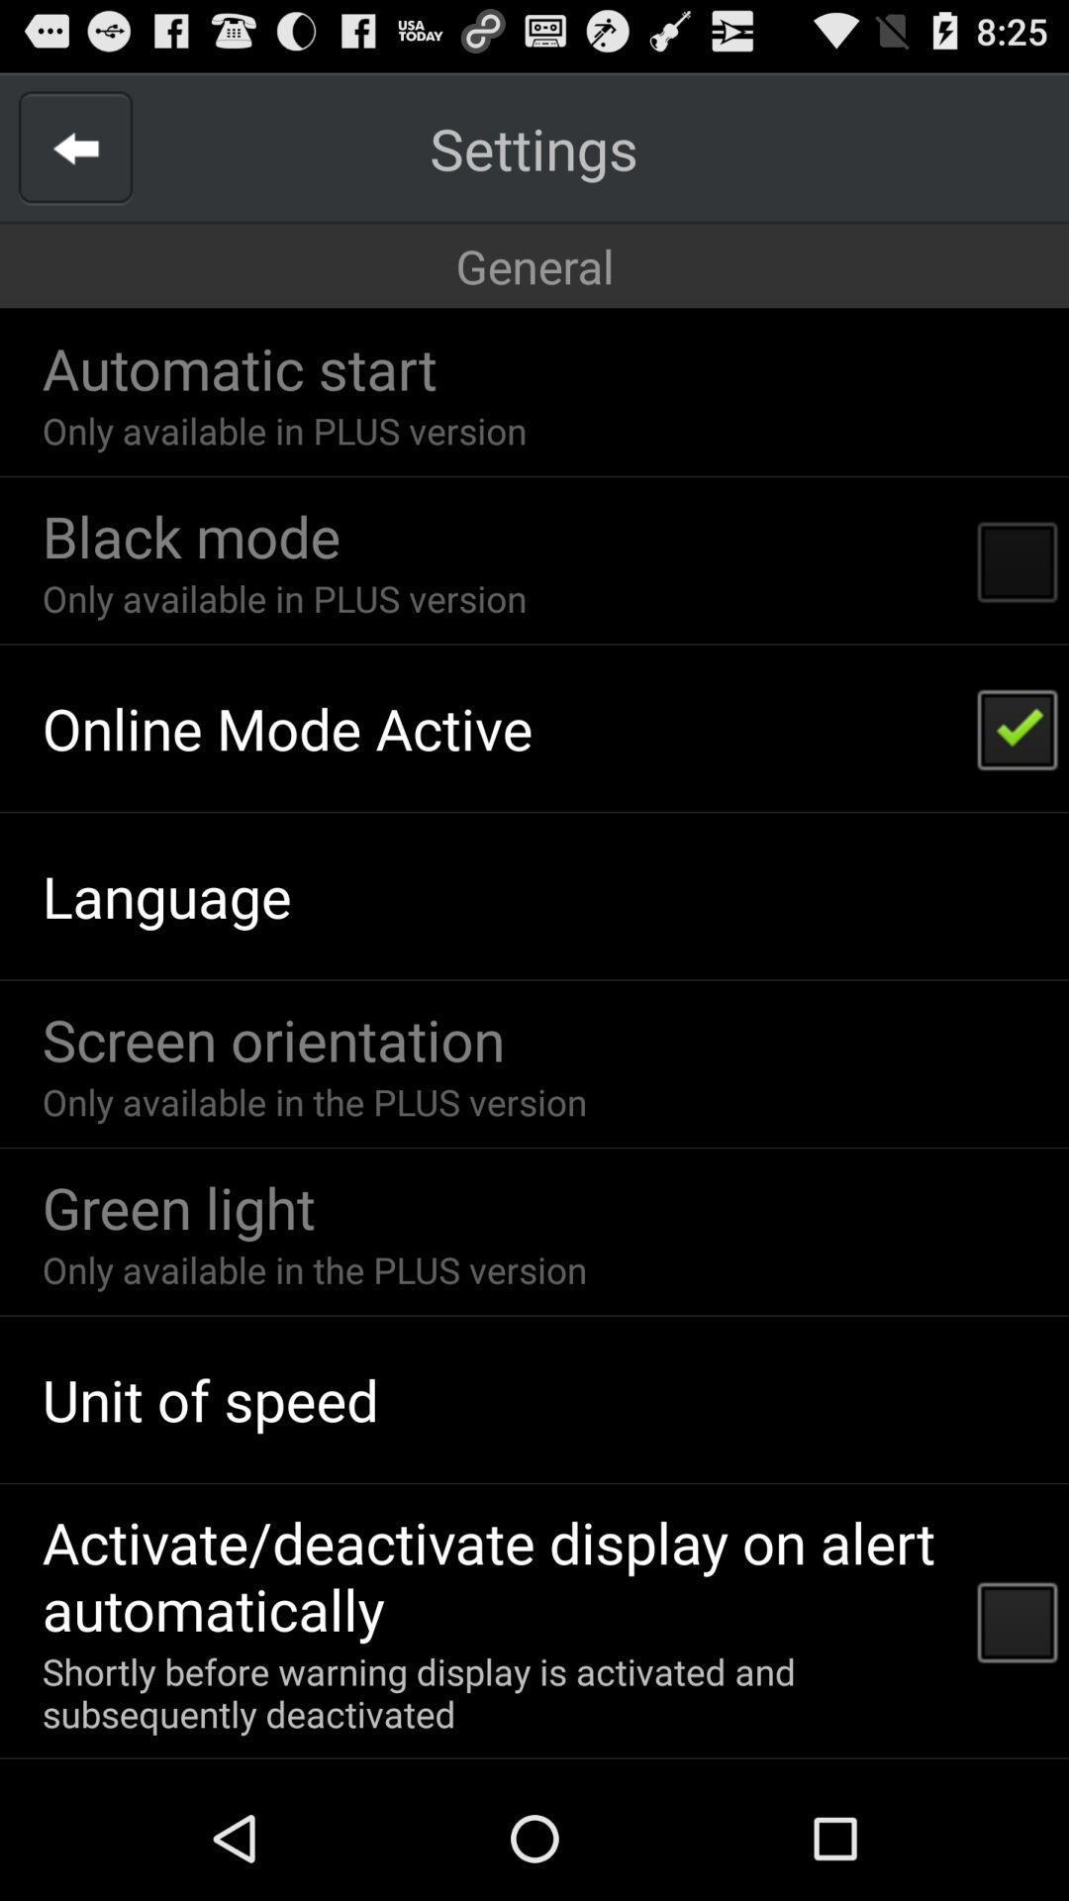  I want to click on the item above the general icon, so click(74, 147).